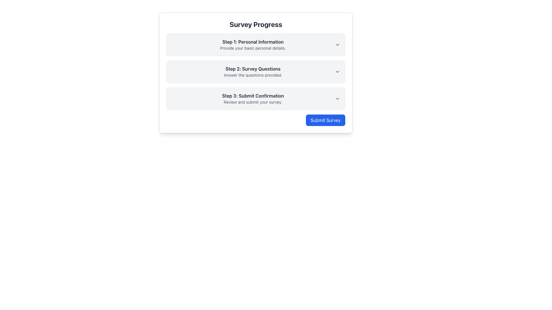 This screenshot has width=552, height=310. What do you see at coordinates (253, 44) in the screenshot?
I see `the text block displaying 'Step 1: Personal Information' and its subtitle 'Provide your basic personal details.'` at bounding box center [253, 44].